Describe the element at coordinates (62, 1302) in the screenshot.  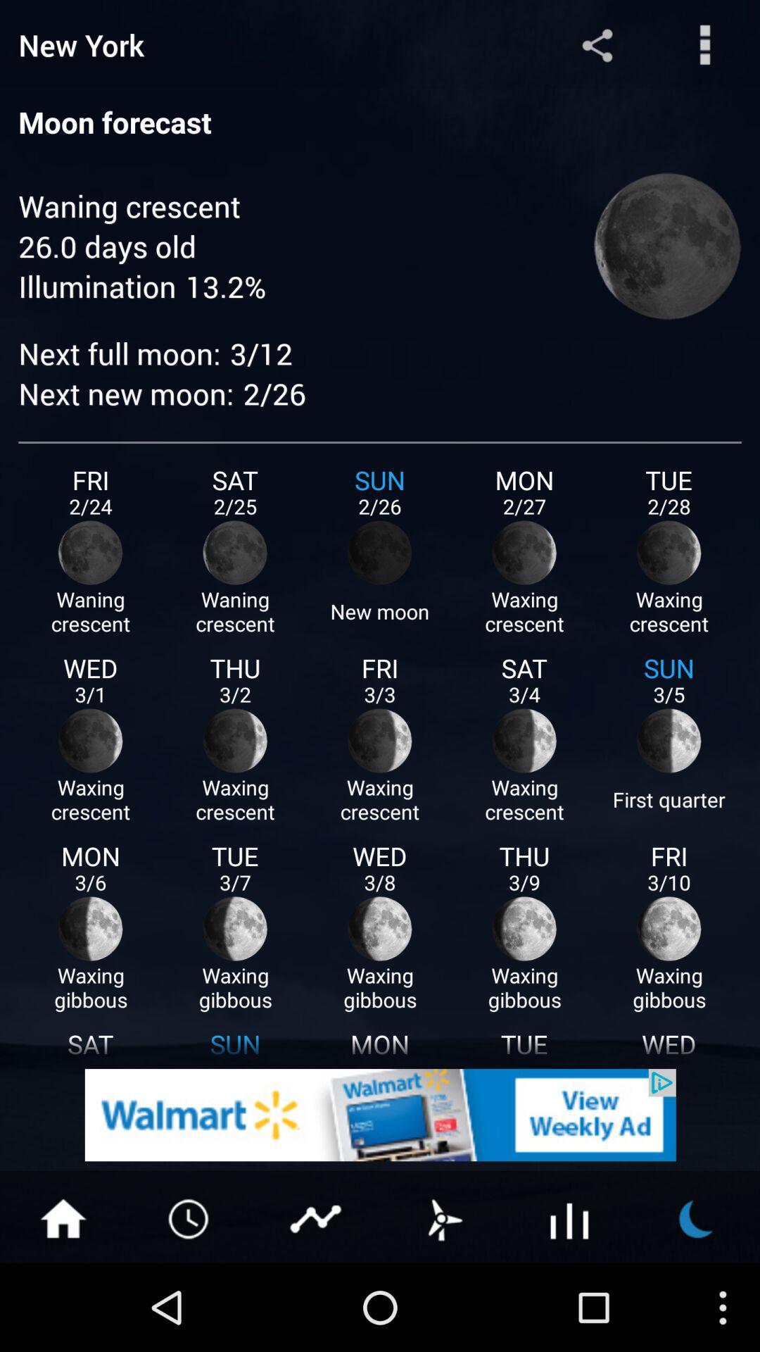
I see `the home icon` at that location.